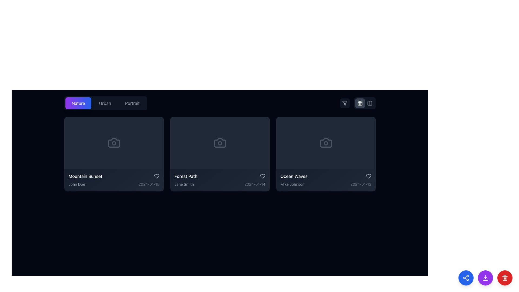 The width and height of the screenshot is (519, 292). I want to click on the last button in the top-right section of the dark-themed UI, which is a vertically split rectangle icon with a dark outline and simple stroke design, so click(369, 103).